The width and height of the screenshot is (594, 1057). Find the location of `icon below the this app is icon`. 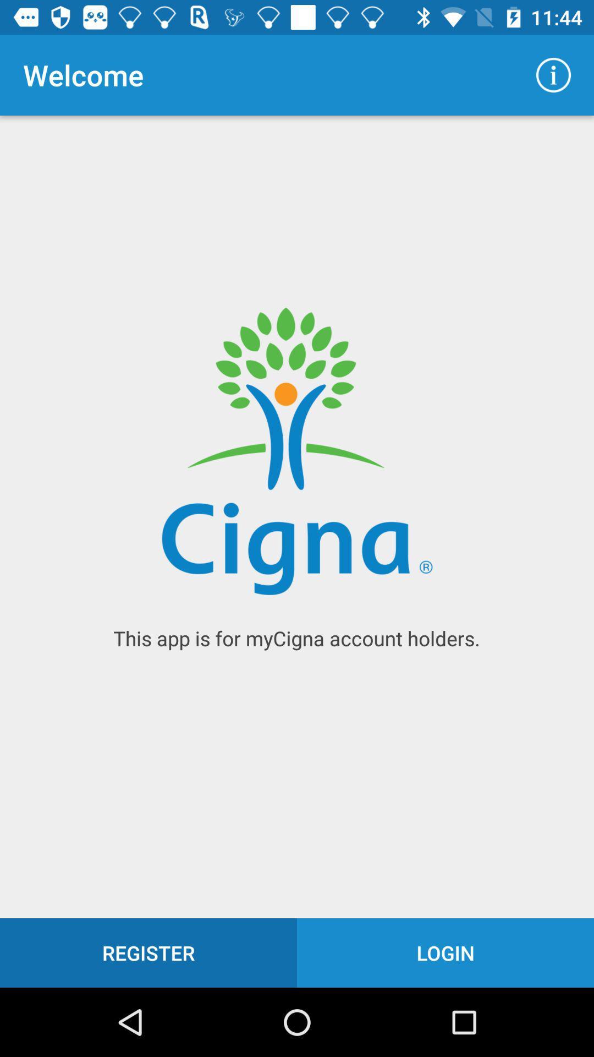

icon below the this app is icon is located at coordinates (446, 952).